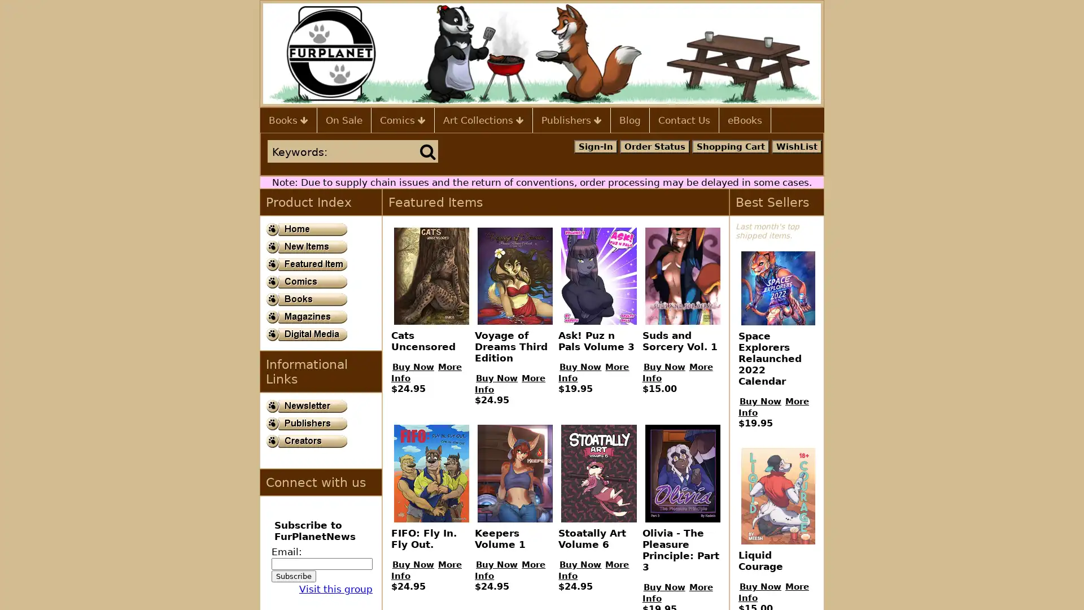  Describe the element at coordinates (796, 145) in the screenshot. I see `WishList` at that location.